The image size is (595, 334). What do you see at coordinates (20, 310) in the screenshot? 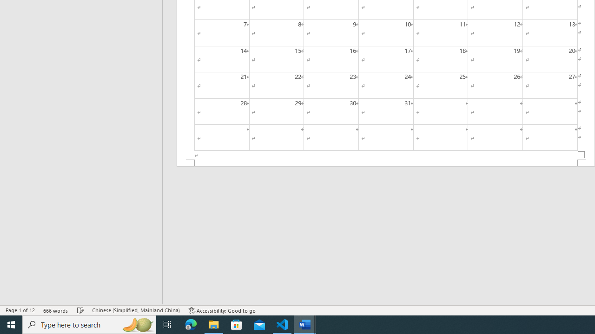
I see `'Page Number Page 1 of 12'` at bounding box center [20, 310].